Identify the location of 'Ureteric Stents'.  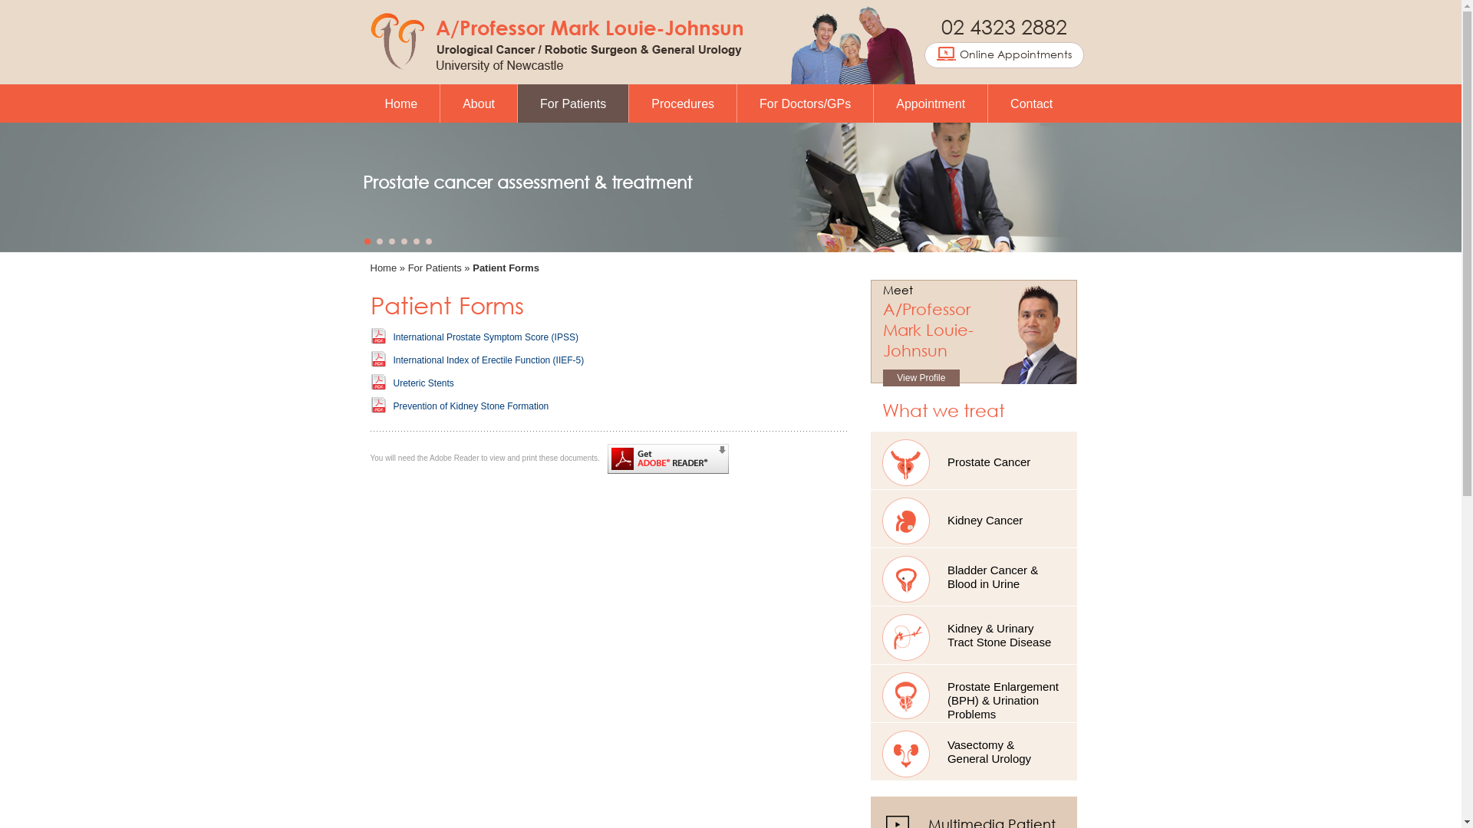
(423, 383).